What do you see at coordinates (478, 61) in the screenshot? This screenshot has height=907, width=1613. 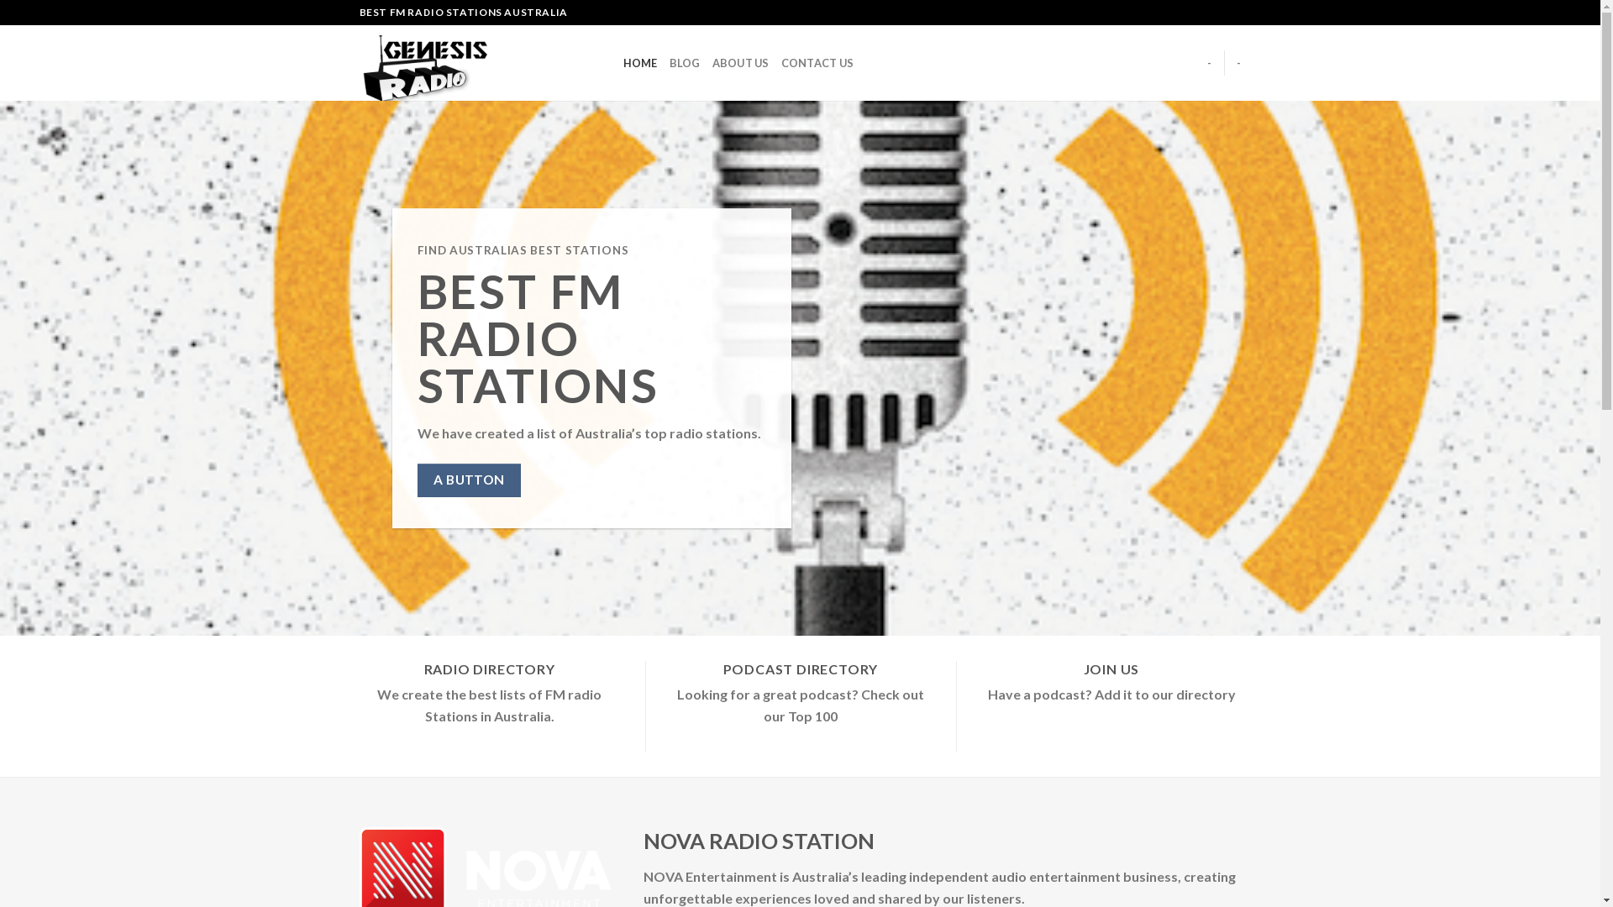 I see `'Genesis Radio - Australia'` at bounding box center [478, 61].